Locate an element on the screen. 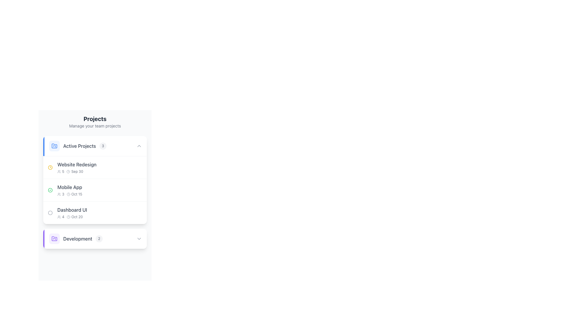  the circular graphic element located to the left of the 'Mobile App' project in the 'Active Projects' section for information is located at coordinates (50, 213).